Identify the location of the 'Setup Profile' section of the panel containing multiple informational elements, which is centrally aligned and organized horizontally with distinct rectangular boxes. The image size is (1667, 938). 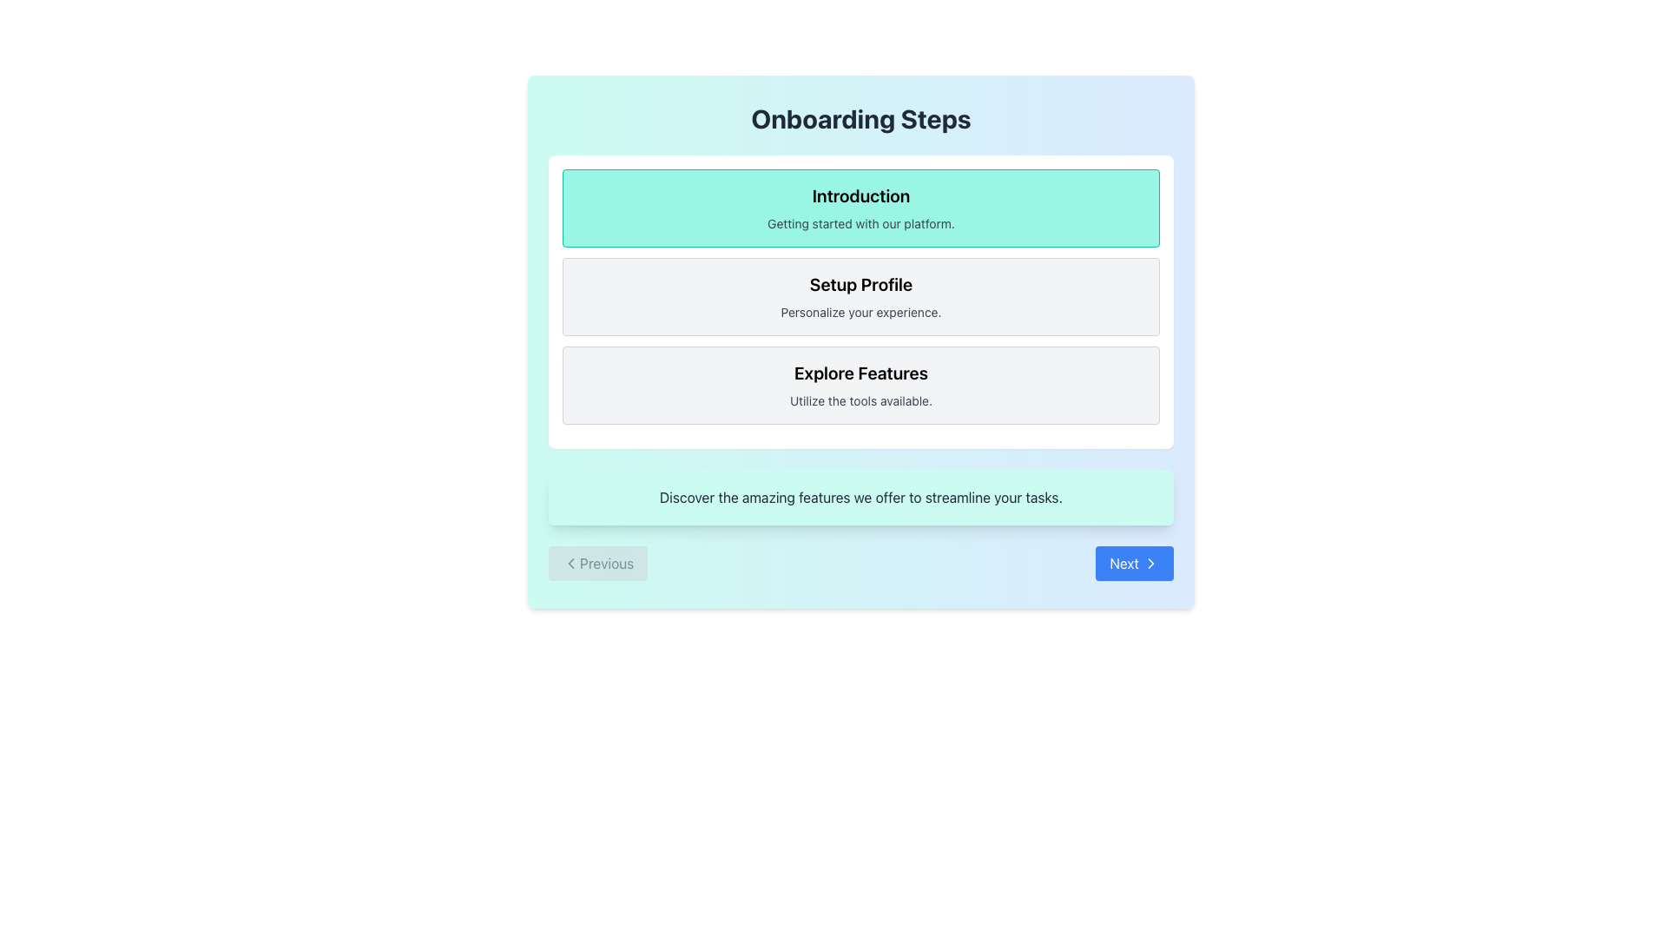
(861, 301).